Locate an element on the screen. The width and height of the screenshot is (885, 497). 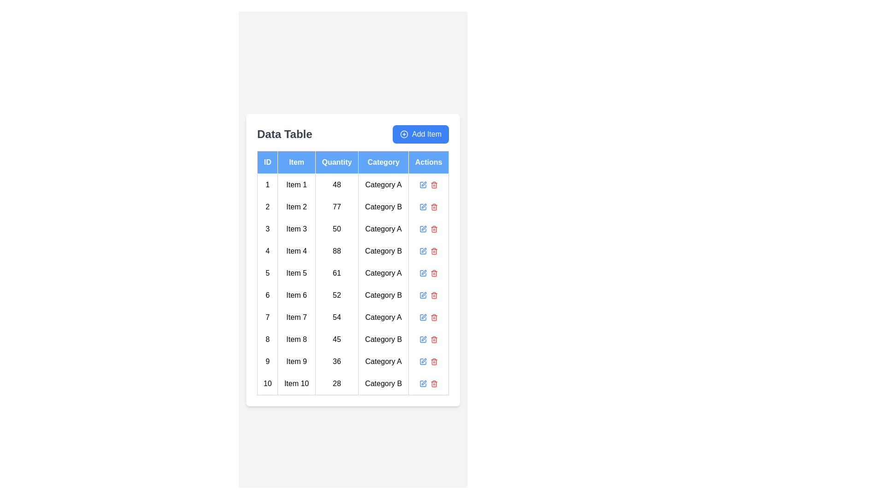
the fourth row of the table that displays item information is located at coordinates (353, 250).